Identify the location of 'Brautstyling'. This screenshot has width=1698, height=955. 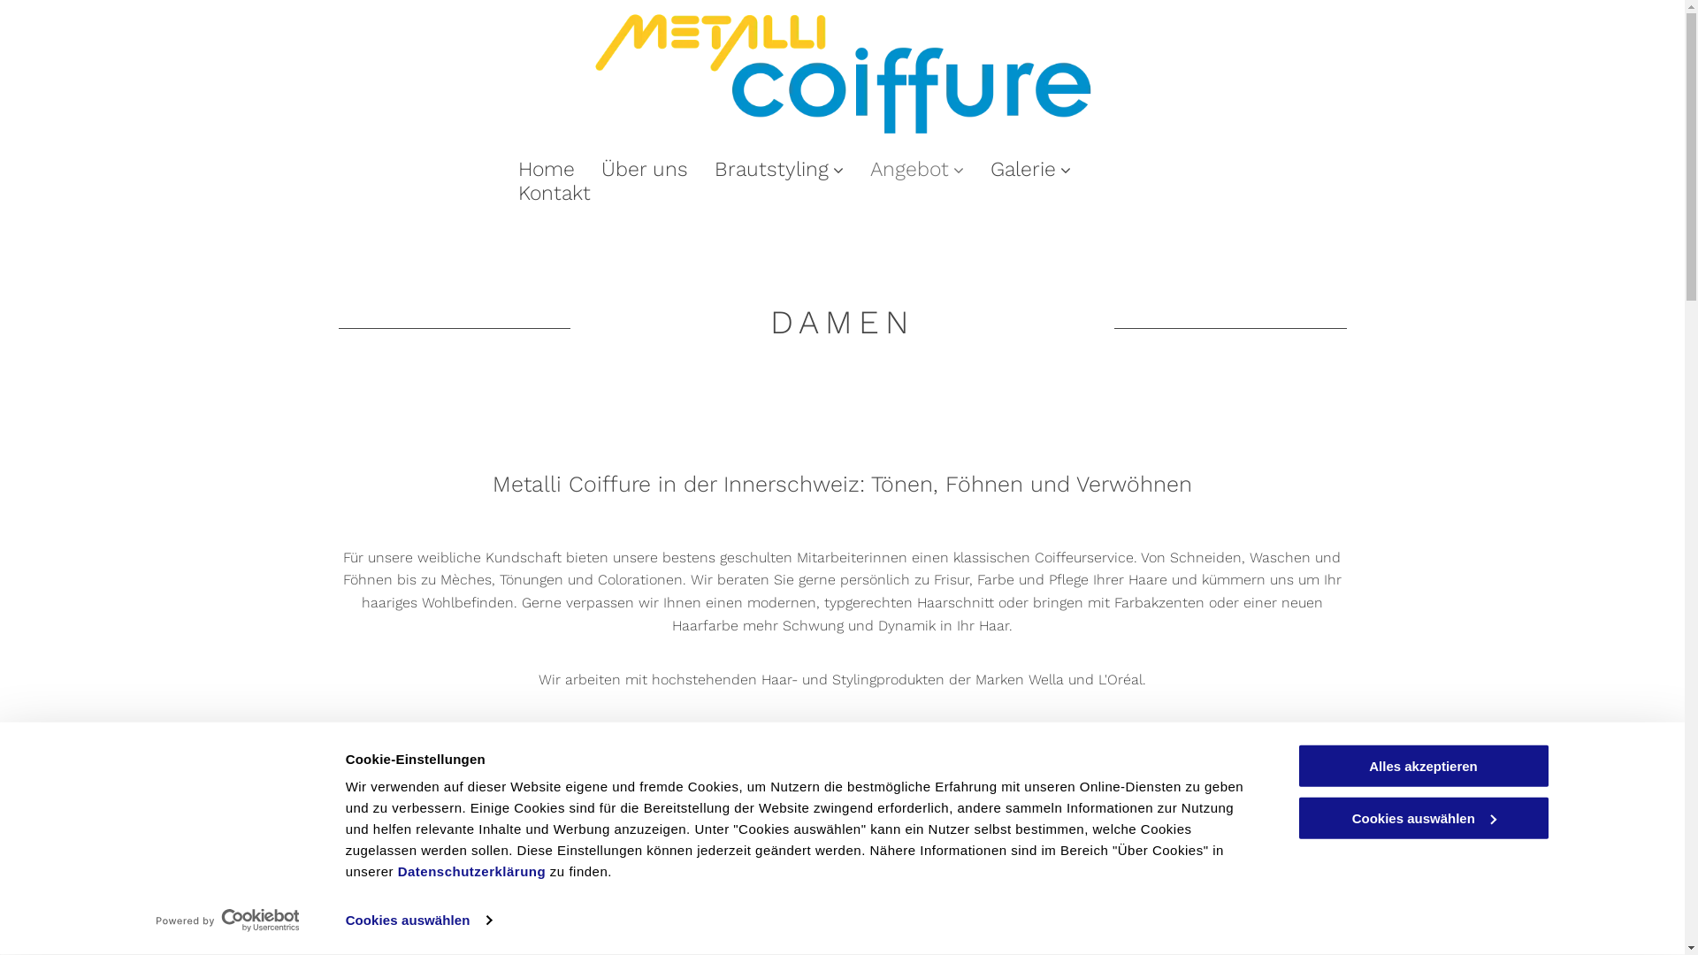
(777, 169).